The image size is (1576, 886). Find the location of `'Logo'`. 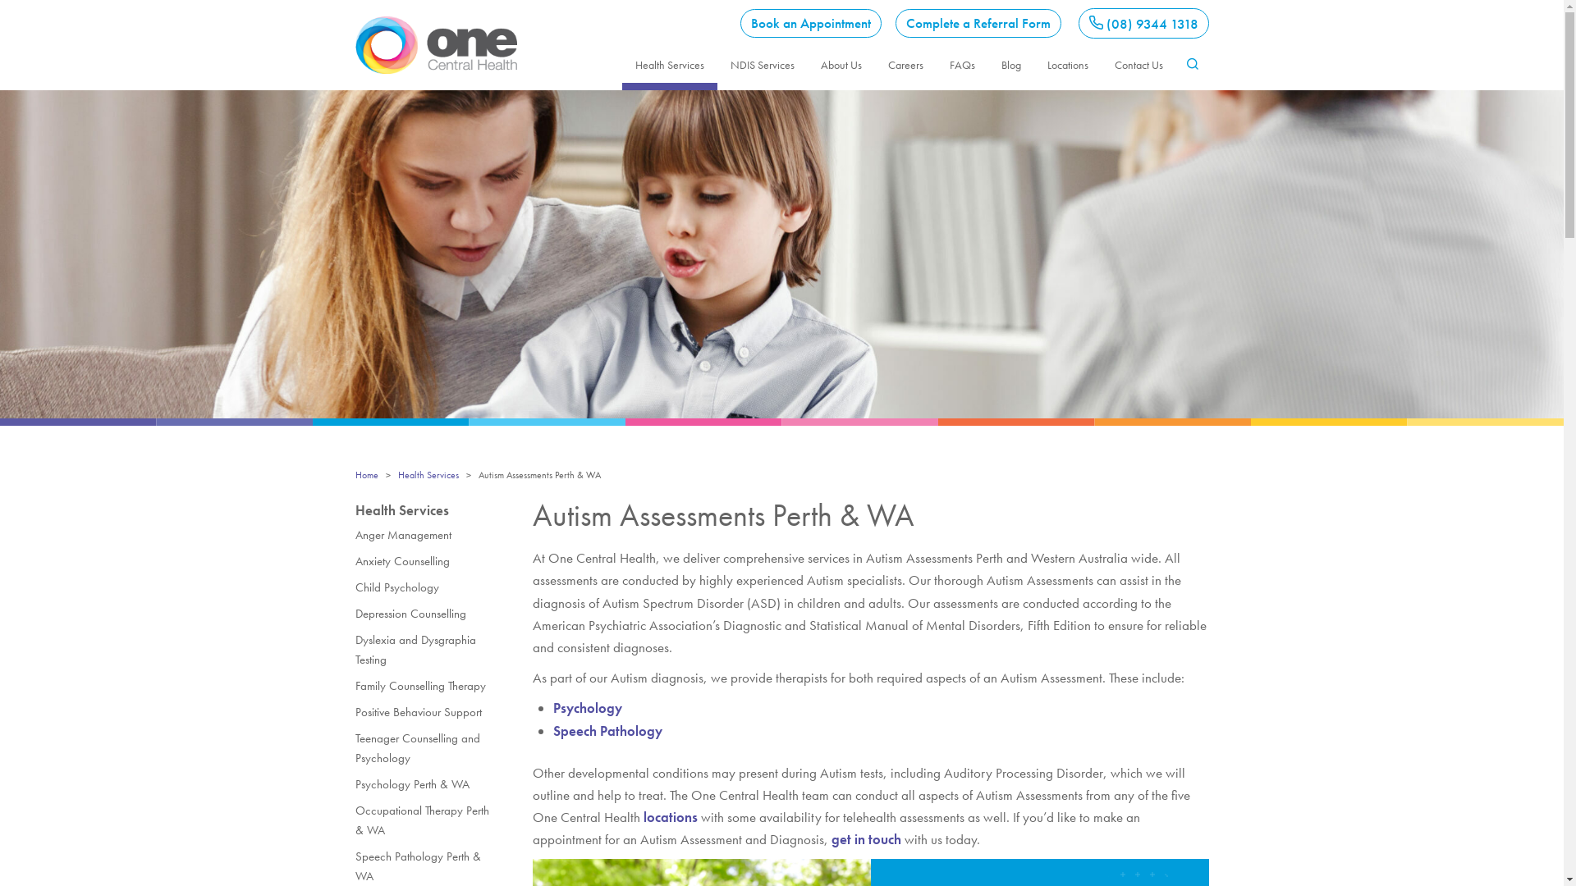

'Logo' is located at coordinates (354, 43).